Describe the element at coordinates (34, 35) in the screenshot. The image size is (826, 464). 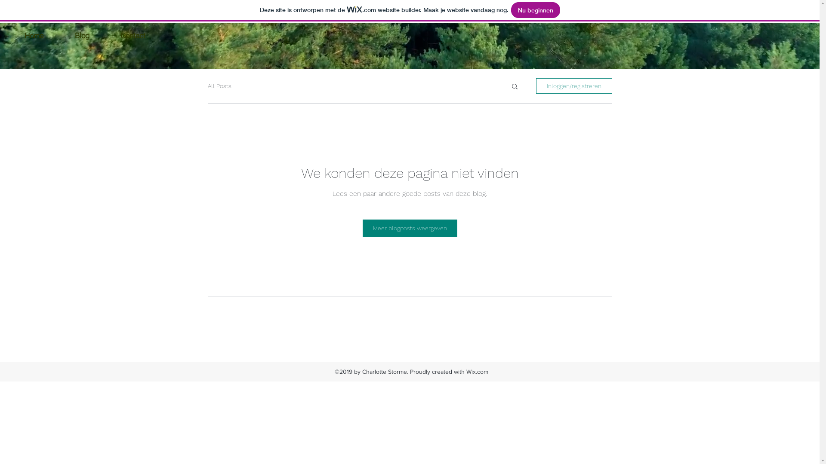
I see `'Home'` at that location.